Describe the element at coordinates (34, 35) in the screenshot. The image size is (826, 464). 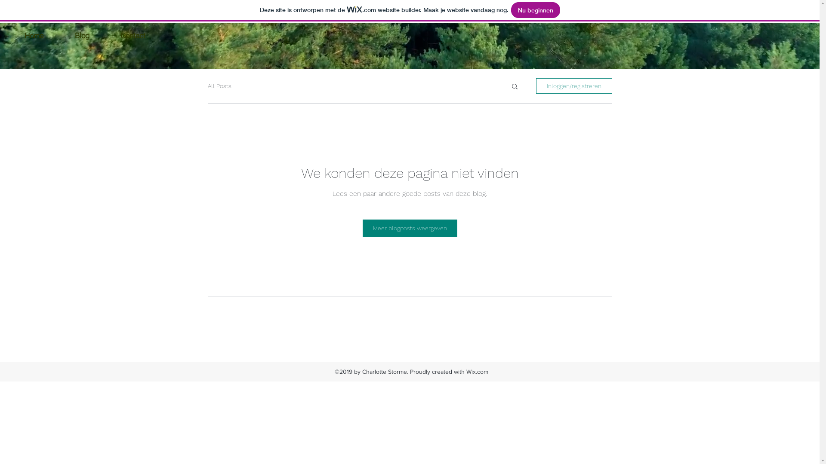
I see `'Home'` at that location.